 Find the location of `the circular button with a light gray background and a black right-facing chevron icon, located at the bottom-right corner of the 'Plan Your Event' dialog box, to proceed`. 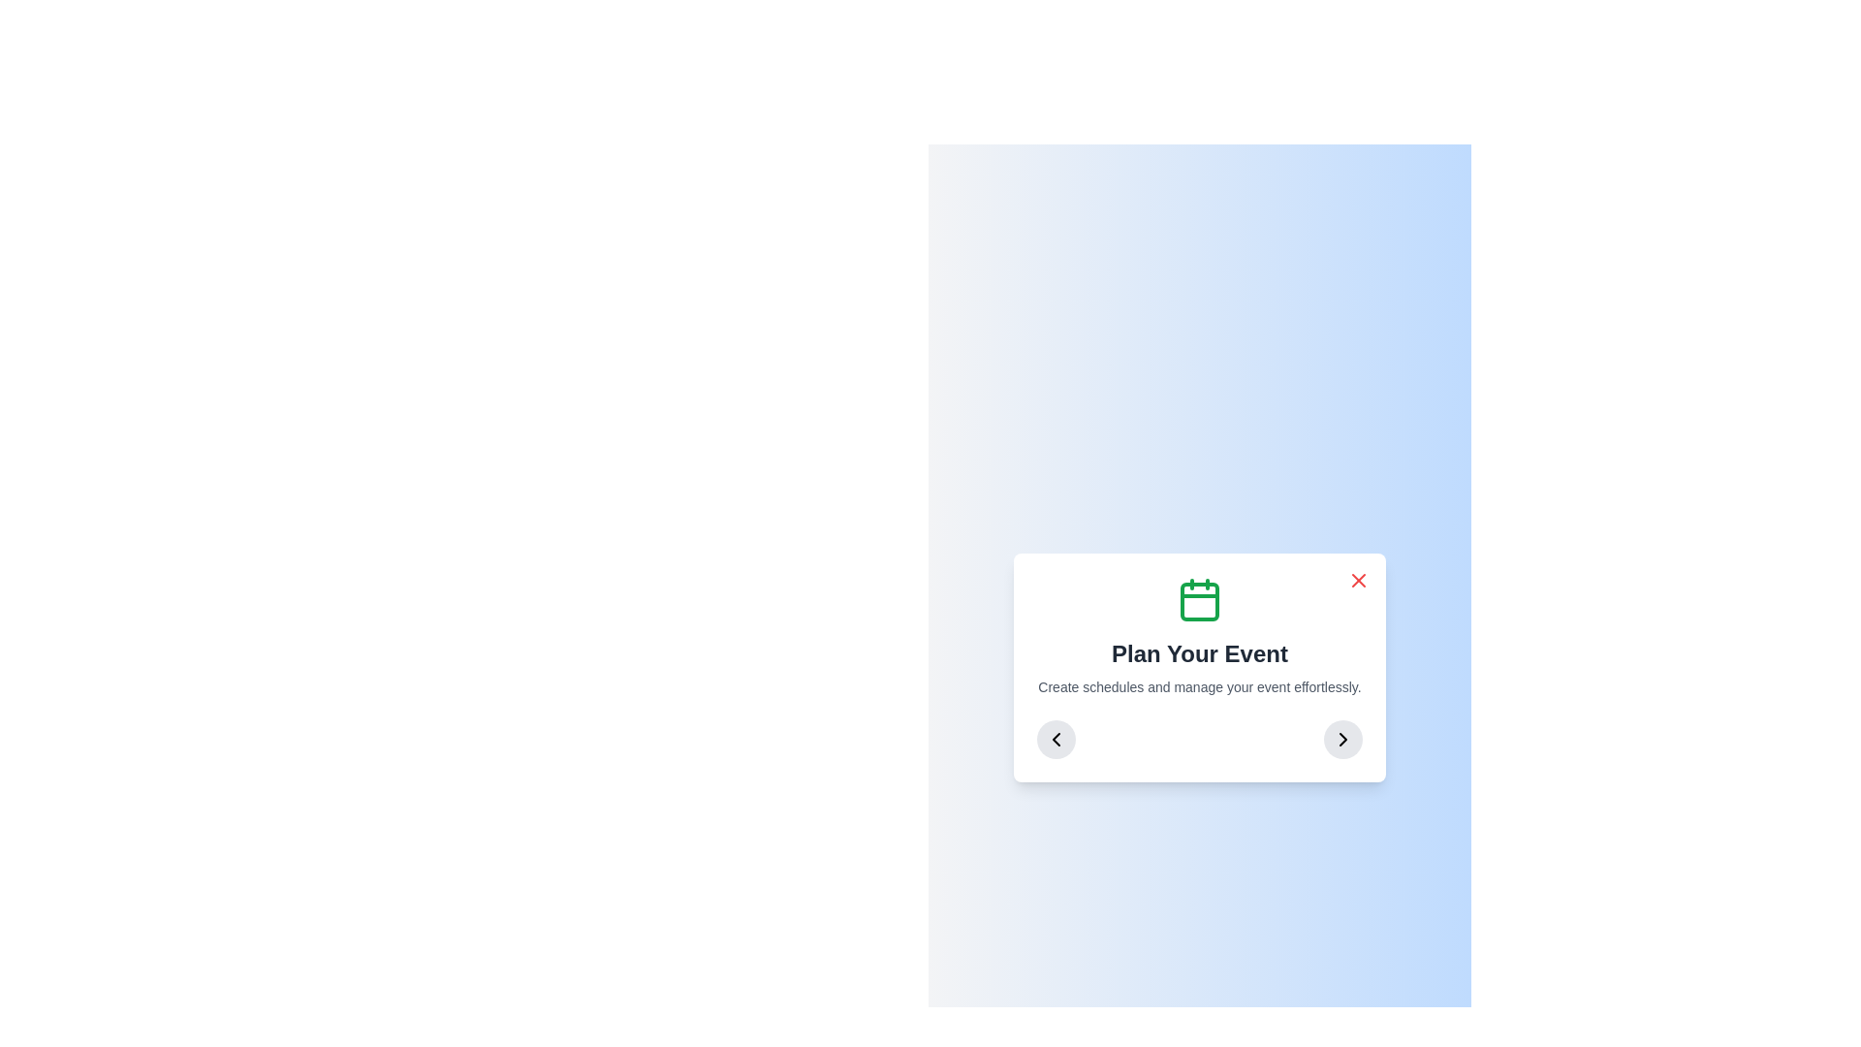

the circular button with a light gray background and a black right-facing chevron icon, located at the bottom-right corner of the 'Plan Your Event' dialog box, to proceed is located at coordinates (1342, 740).